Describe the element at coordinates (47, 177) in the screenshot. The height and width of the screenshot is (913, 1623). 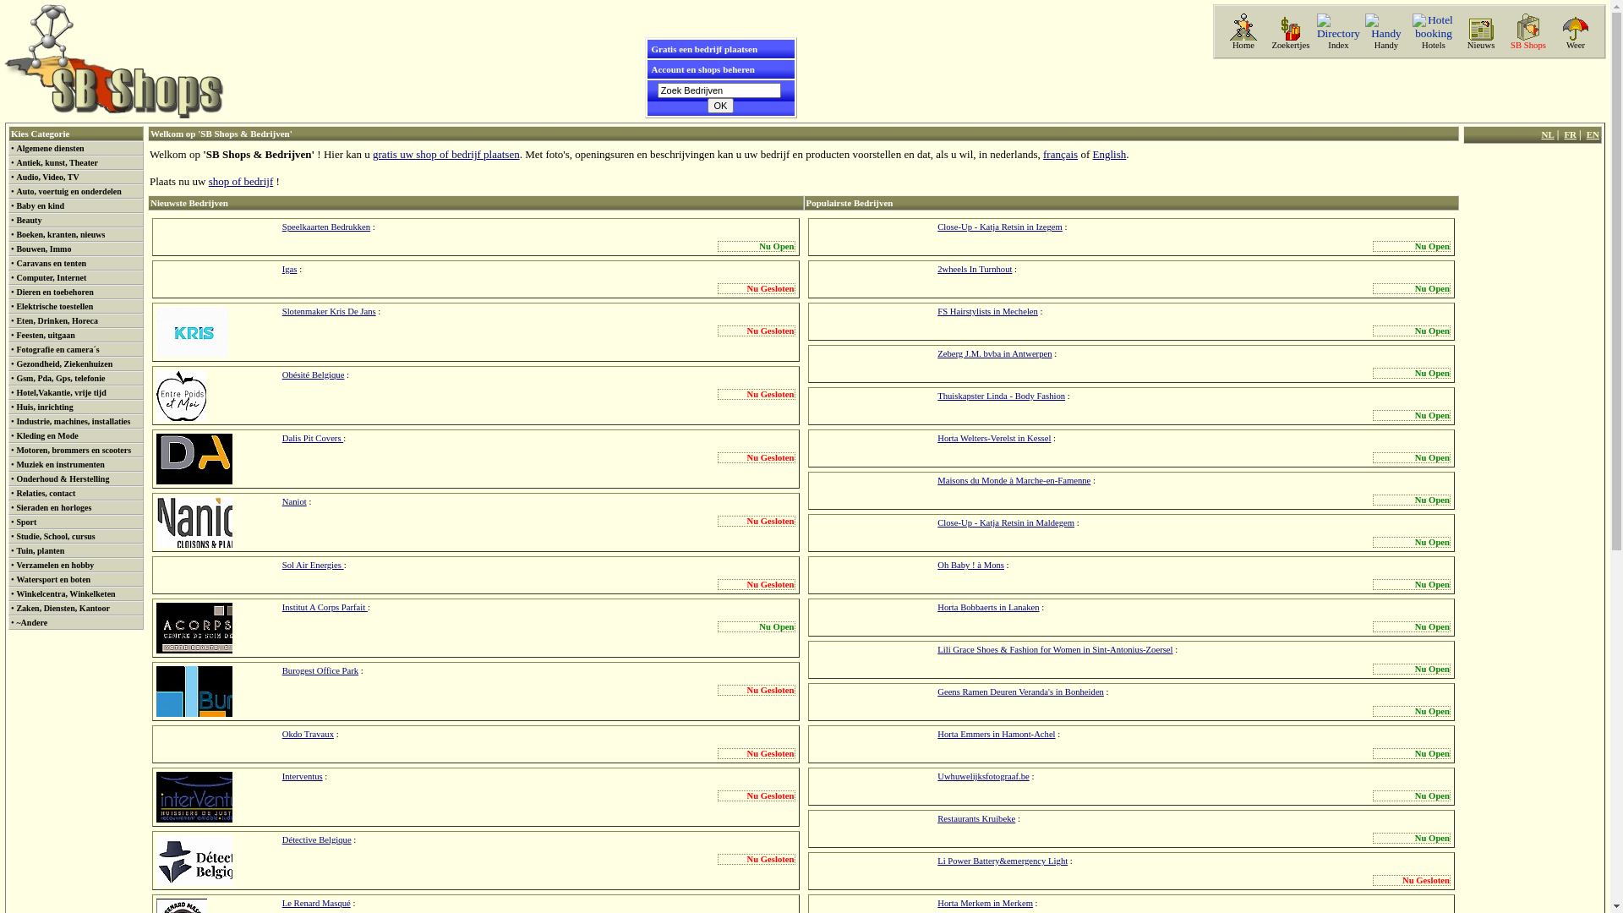
I see `'Audio, Video, TV'` at that location.